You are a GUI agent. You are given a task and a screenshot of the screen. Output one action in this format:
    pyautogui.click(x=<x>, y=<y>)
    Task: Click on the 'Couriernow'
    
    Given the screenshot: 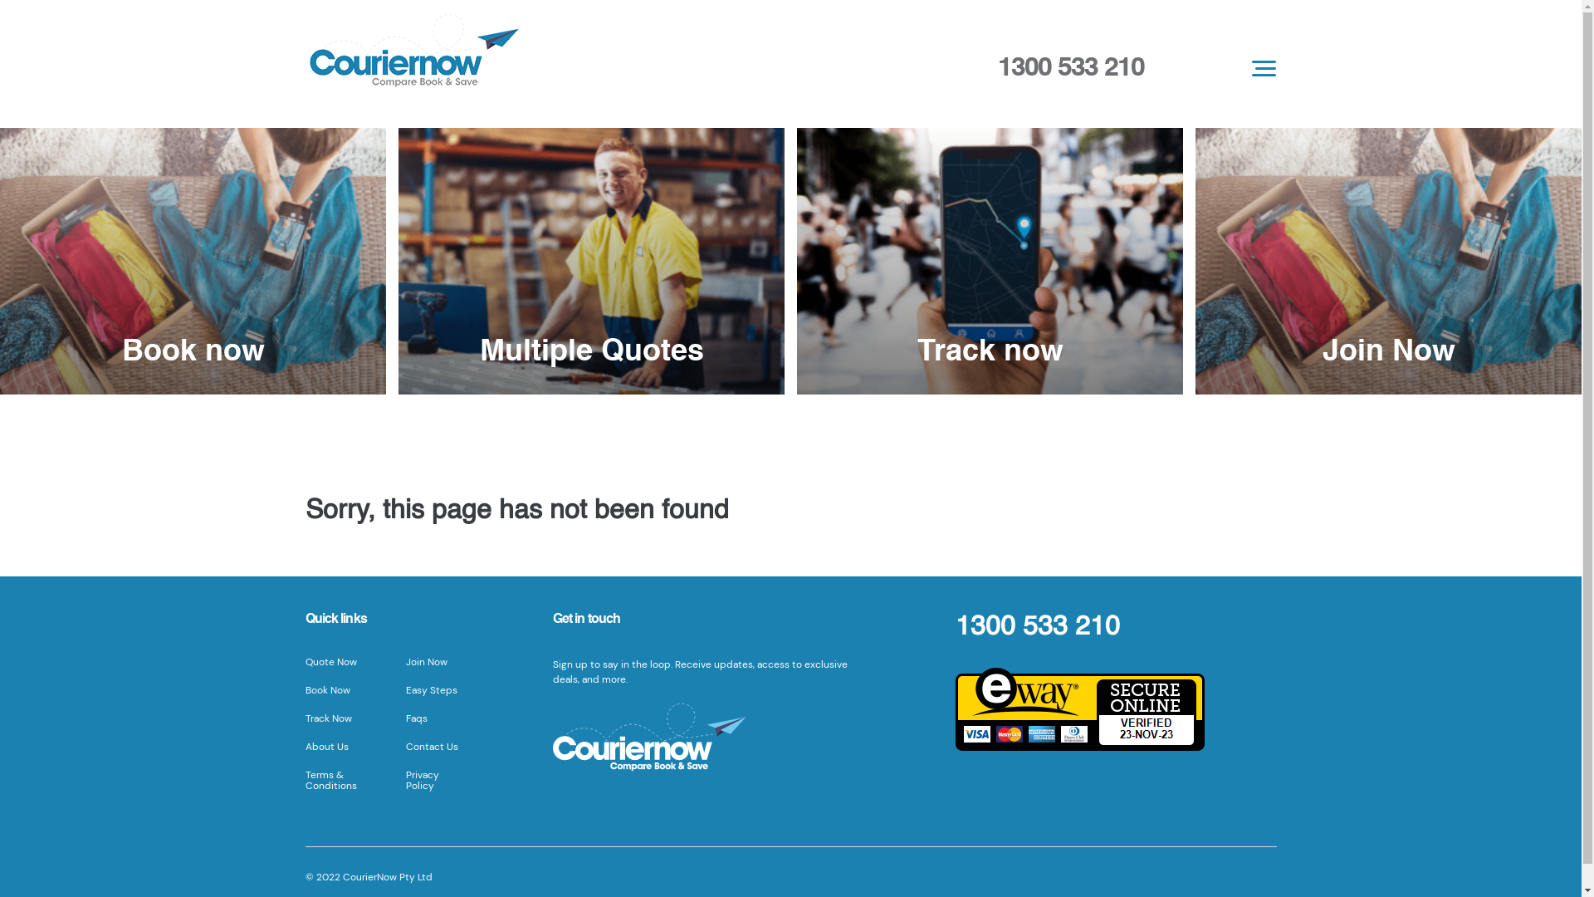 What is the action you would take?
    pyautogui.click(x=592, y=54)
    